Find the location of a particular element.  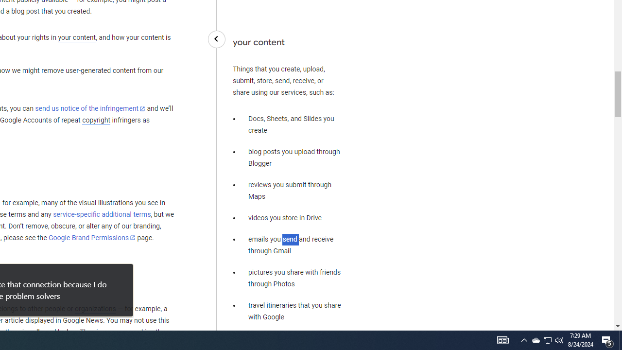

'organizations' is located at coordinates (95, 309).